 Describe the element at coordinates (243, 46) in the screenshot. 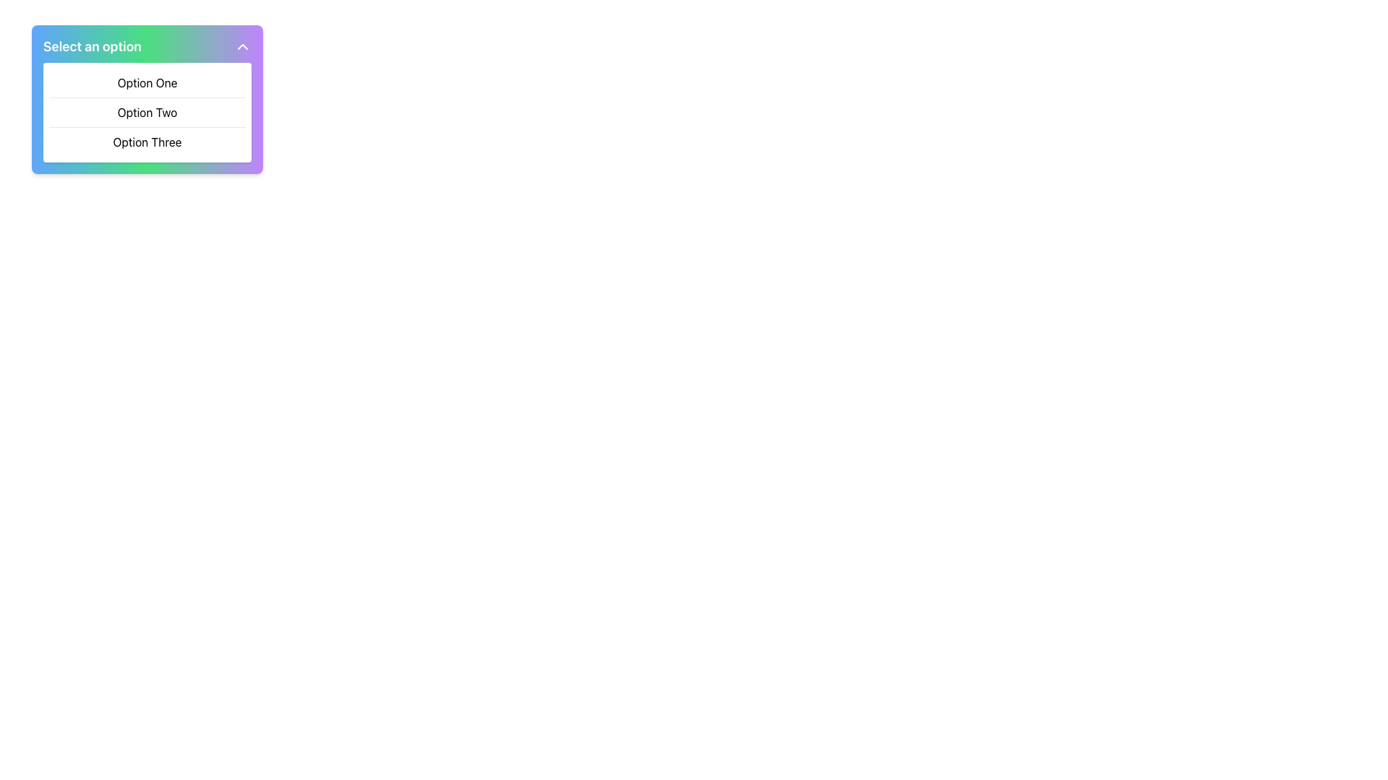

I see `the upward-pointing triangular button in the top-right corner of the dropdown interface` at that location.